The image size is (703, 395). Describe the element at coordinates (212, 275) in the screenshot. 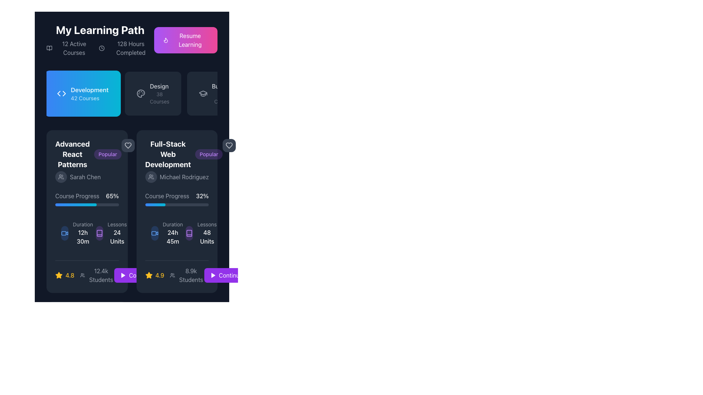

I see `the small triangular play icon with a purple background, located within the 'Continue' button at the bottom-right corner of the dark-themed card layout` at that location.